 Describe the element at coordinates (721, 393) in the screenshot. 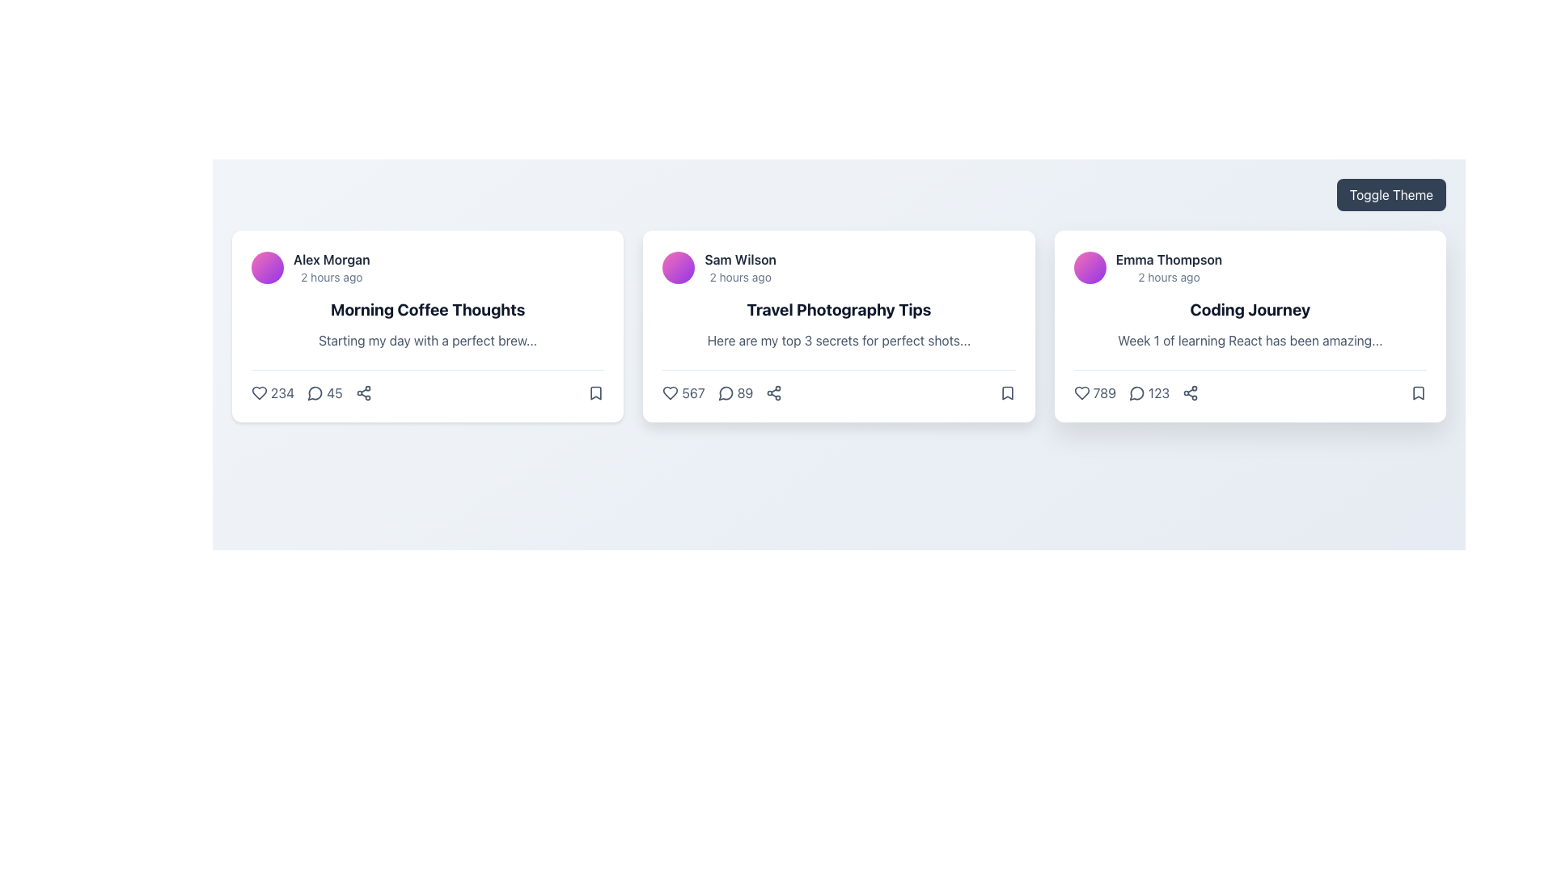

I see `the comment count button located between the '567 likes' count and the share icon at the bottom of the 'Travel Photography Tips' card to potentially see a tooltip` at that location.